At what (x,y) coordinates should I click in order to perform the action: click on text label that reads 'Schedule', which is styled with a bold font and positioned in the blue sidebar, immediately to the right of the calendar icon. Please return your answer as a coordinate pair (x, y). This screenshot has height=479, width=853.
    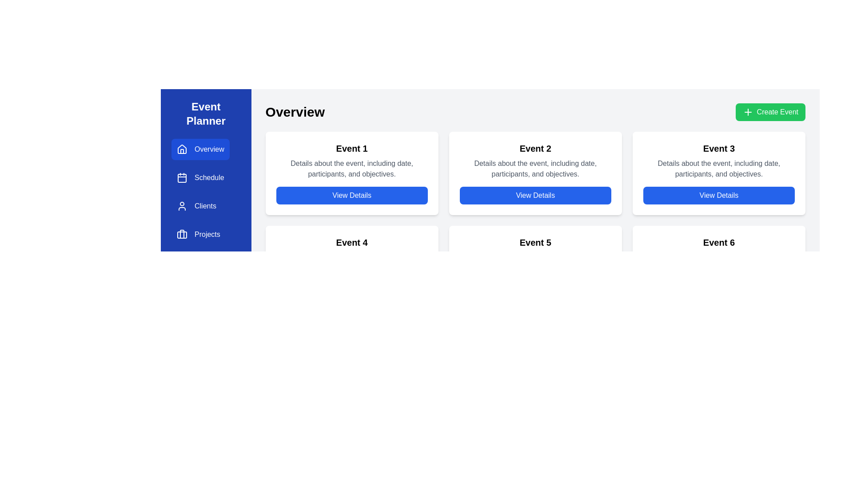
    Looking at the image, I should click on (209, 178).